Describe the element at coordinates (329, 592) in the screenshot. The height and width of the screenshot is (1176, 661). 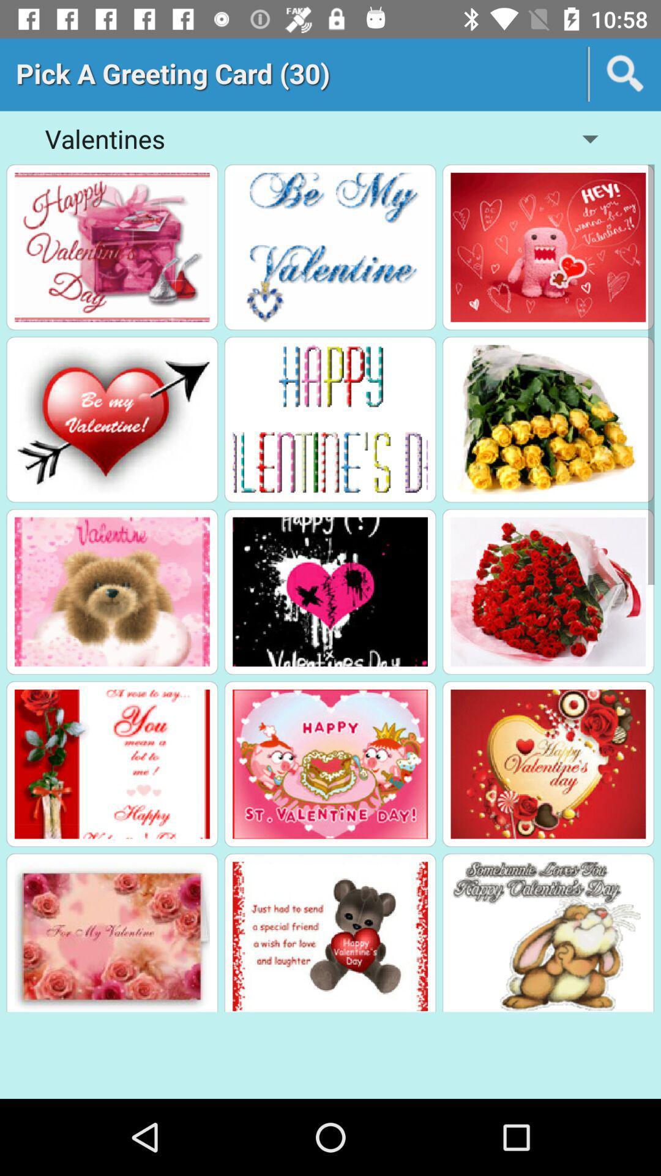
I see `the second image in the third row` at that location.